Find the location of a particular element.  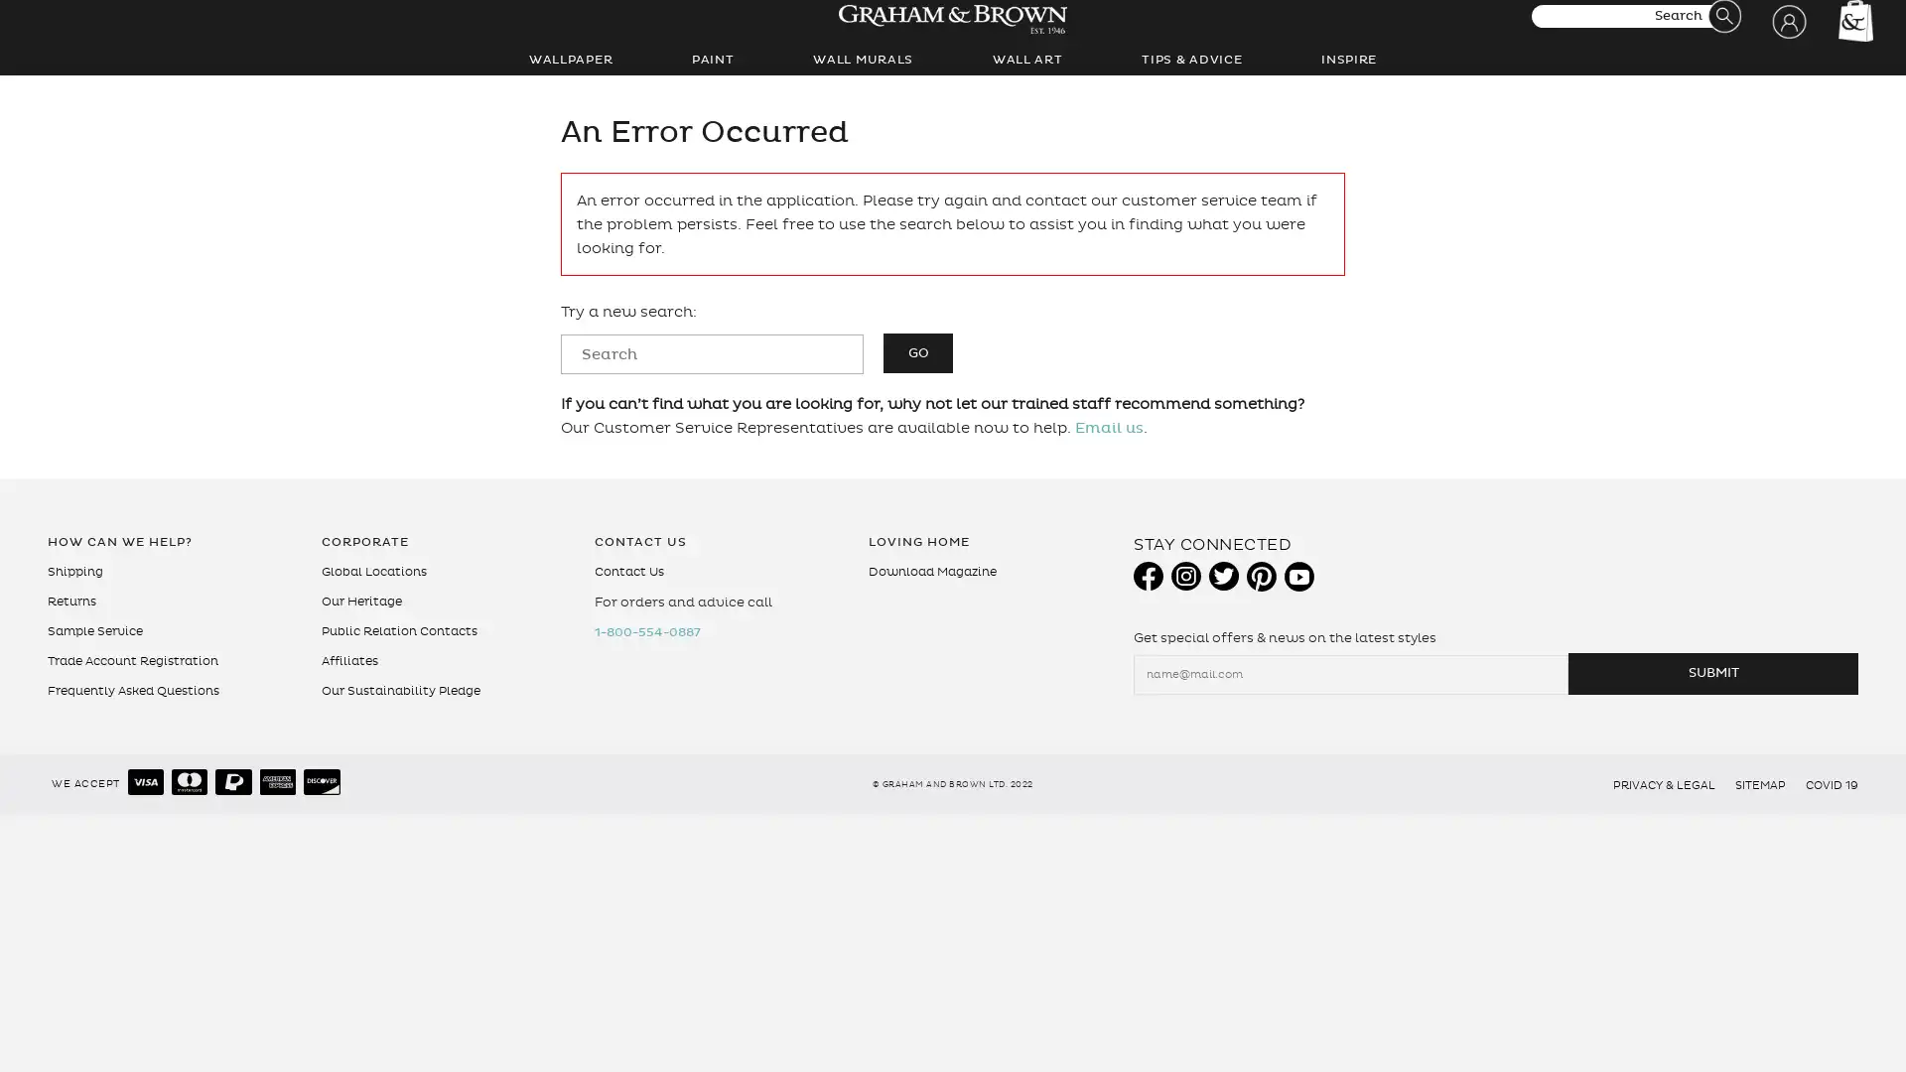

SUBMIT is located at coordinates (1711, 672).